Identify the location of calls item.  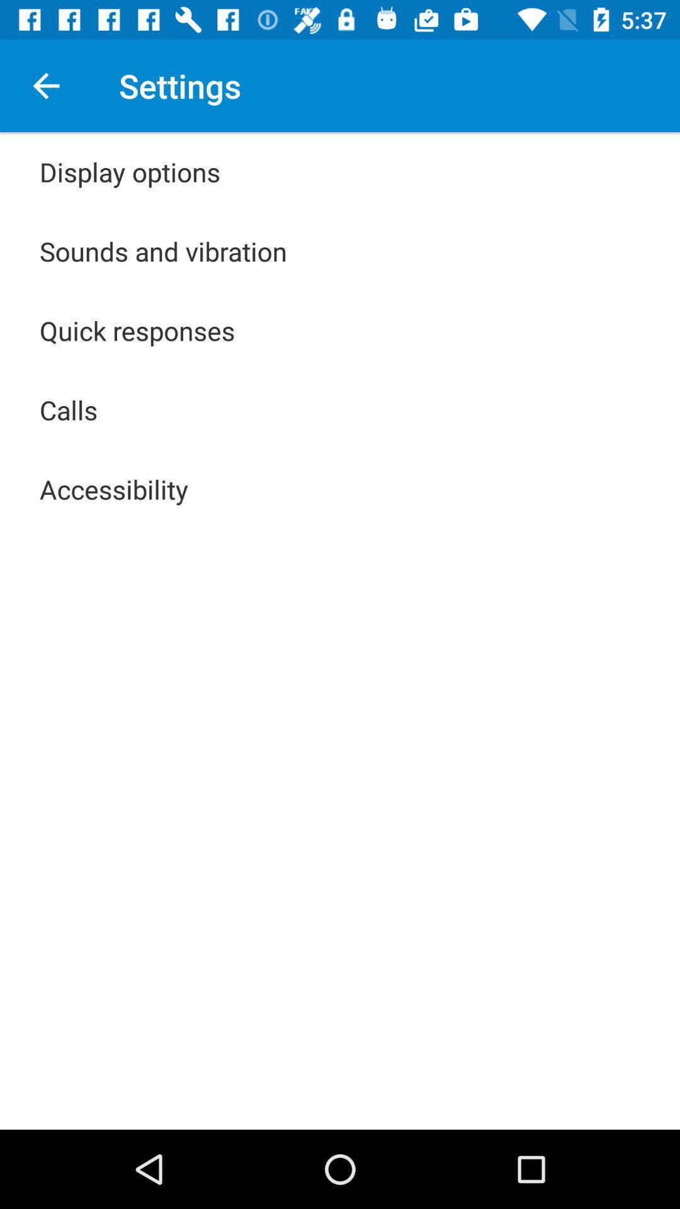
(69, 410).